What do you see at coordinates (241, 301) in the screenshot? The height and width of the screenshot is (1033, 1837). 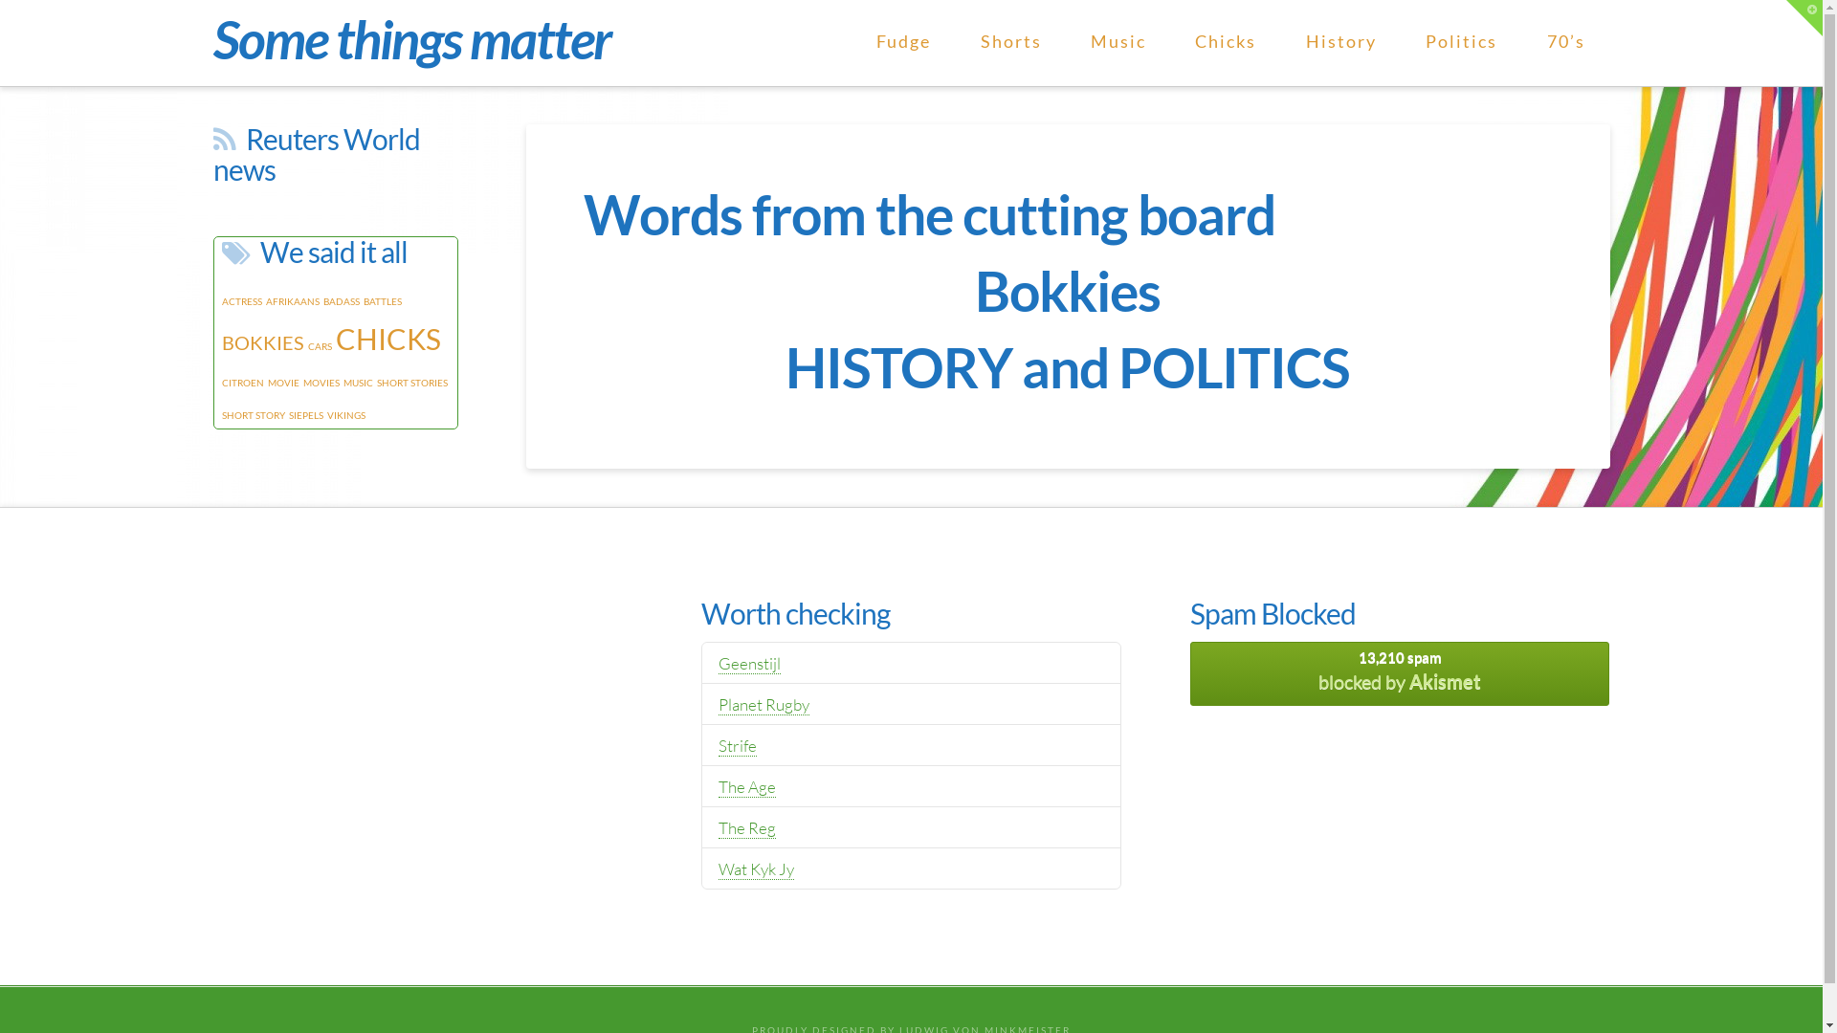 I see `'ACTRESS'` at bounding box center [241, 301].